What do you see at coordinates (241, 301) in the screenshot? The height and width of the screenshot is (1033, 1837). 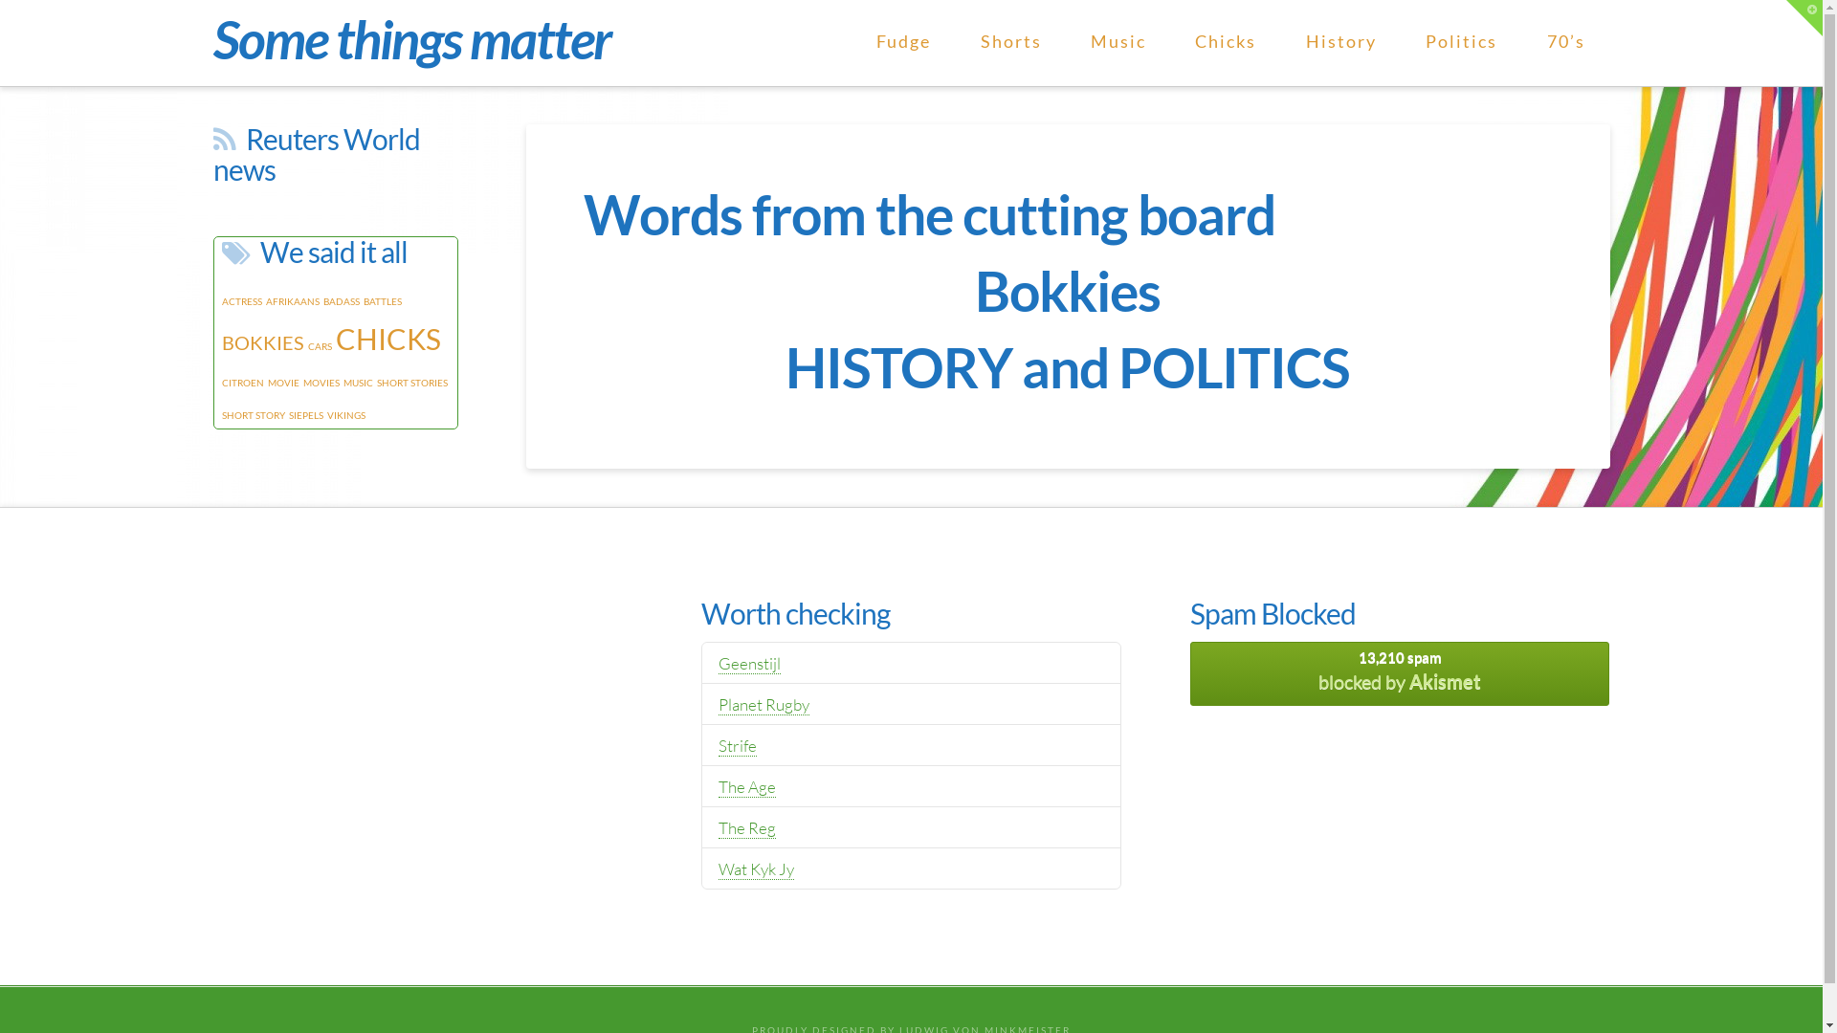 I see `'ACTRESS'` at bounding box center [241, 301].